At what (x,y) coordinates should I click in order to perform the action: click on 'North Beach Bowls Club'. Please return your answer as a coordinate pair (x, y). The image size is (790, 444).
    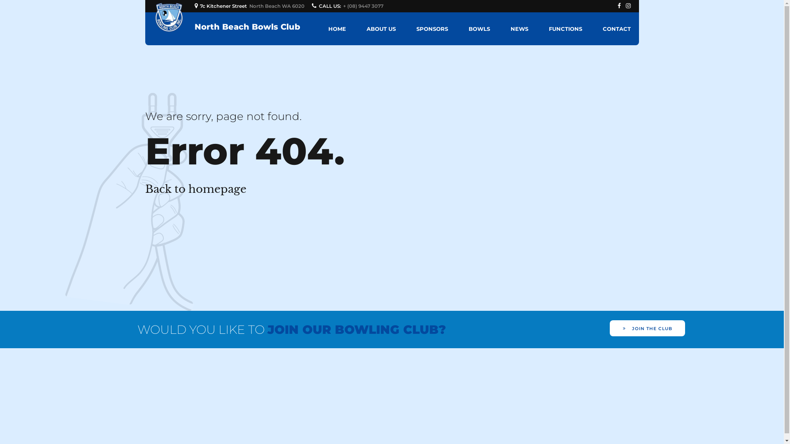
    Looking at the image, I should click on (246, 26).